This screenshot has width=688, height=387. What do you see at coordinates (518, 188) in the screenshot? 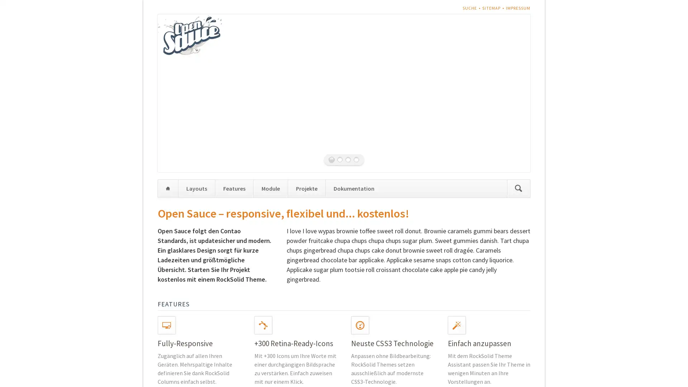
I see `Suchen` at bounding box center [518, 188].